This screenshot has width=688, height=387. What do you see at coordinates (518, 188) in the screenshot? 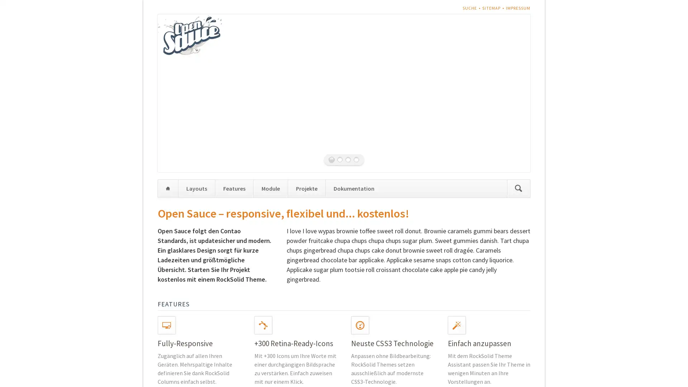
I see `Suchen` at bounding box center [518, 188].